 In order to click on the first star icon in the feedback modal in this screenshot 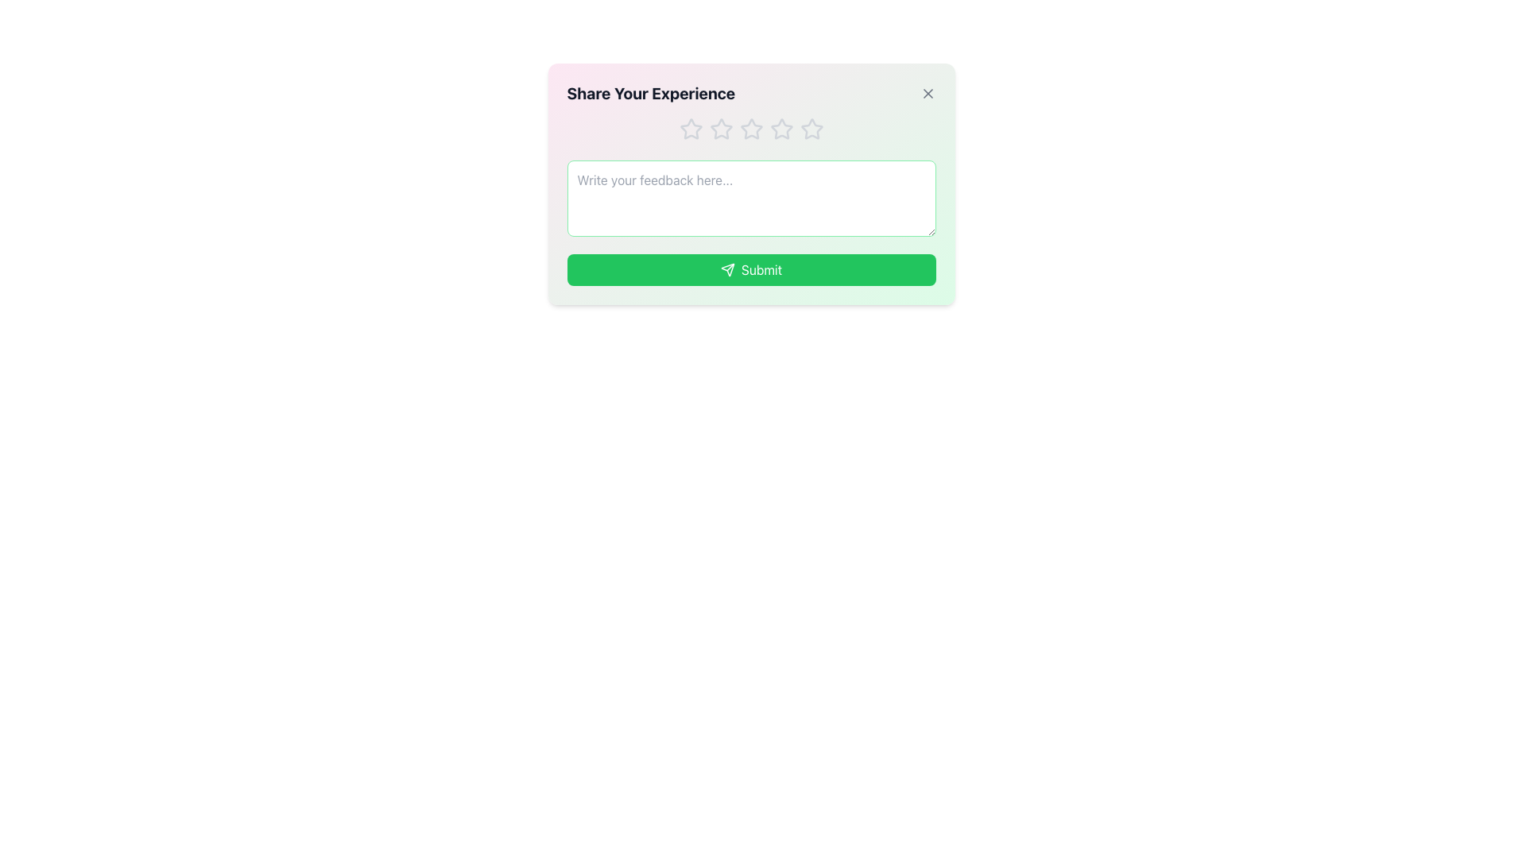, I will do `click(691, 128)`.